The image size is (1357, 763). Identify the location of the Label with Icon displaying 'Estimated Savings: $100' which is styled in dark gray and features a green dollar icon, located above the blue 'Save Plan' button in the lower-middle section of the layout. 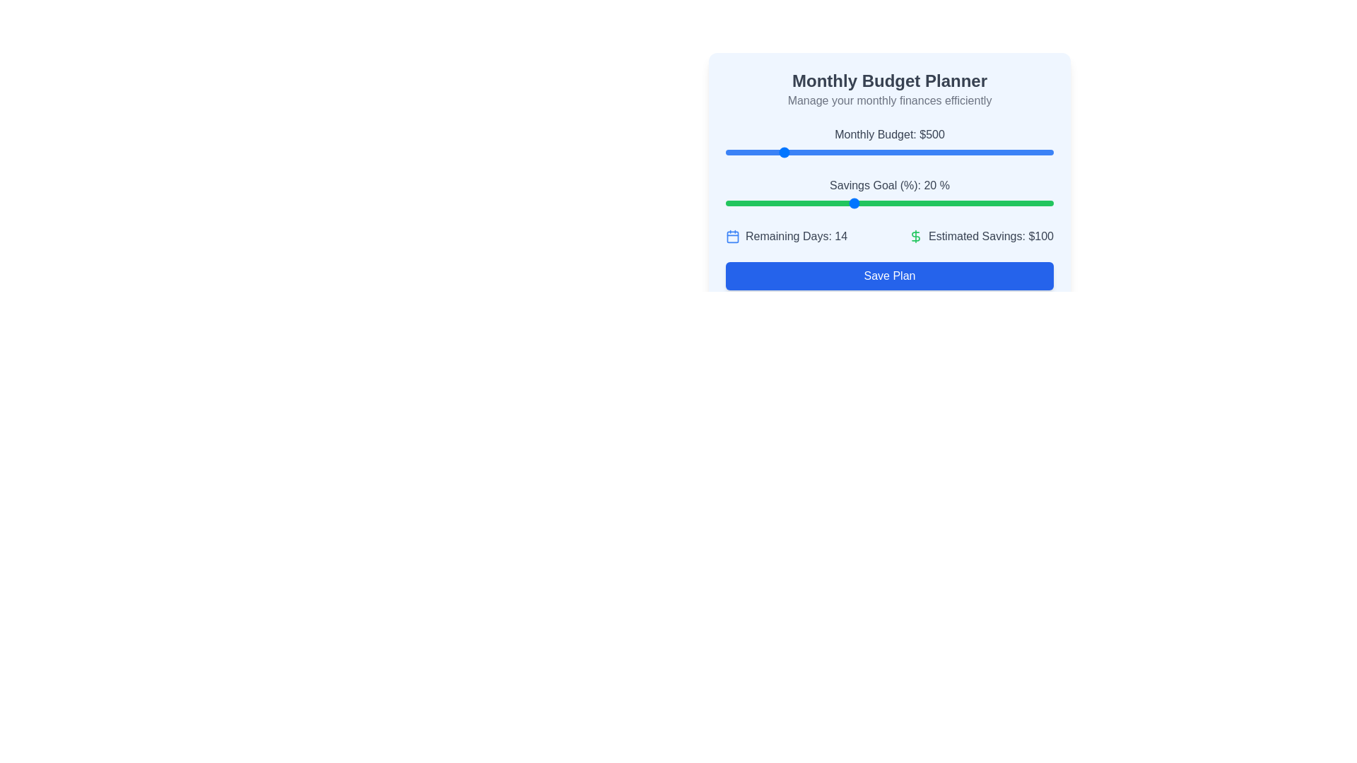
(980, 236).